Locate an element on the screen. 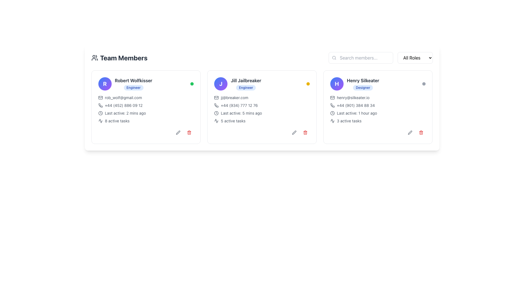 This screenshot has width=532, height=299. the bold text 'Robert Wolfkisser' located in the first card under 'Team Members' is located at coordinates (134, 80).